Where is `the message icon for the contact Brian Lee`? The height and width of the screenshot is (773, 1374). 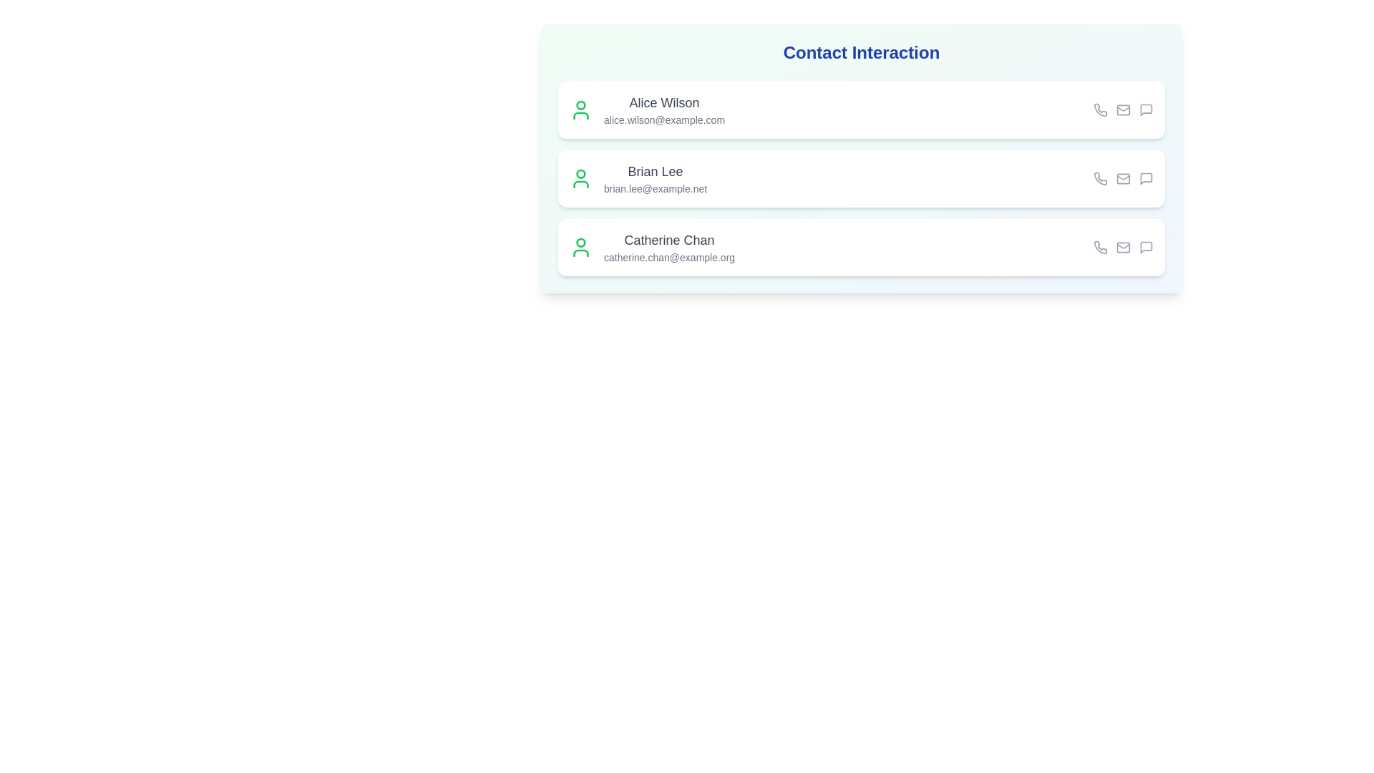
the message icon for the contact Brian Lee is located at coordinates (1146, 178).